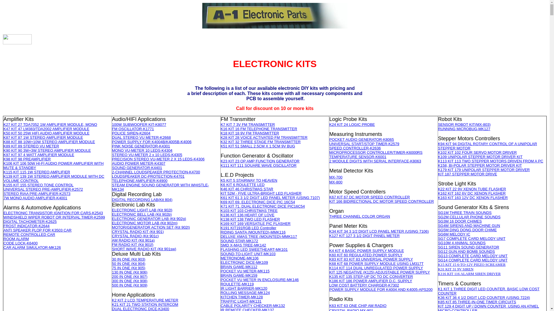 The image size is (554, 311). What do you see at coordinates (245, 293) in the screenshot?
I see `'ROLLING MESSAGE-MK124'` at bounding box center [245, 293].